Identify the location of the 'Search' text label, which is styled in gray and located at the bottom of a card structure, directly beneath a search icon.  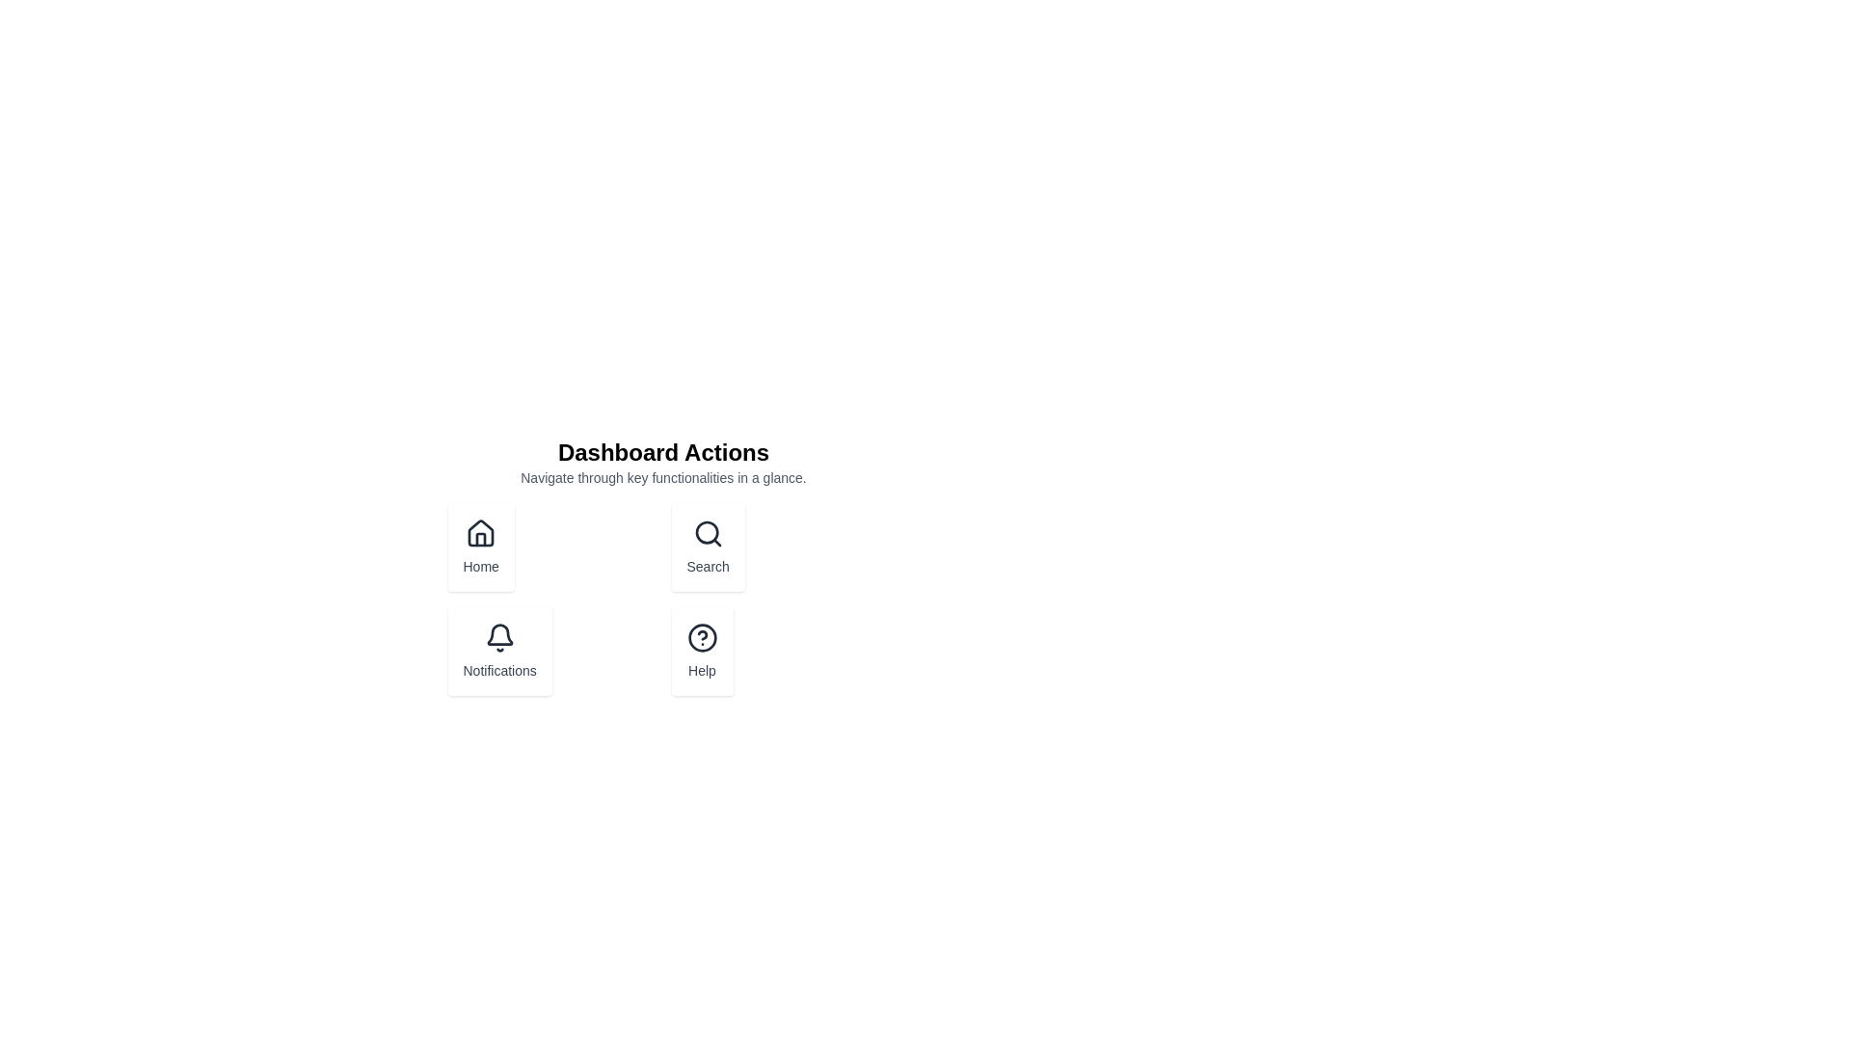
(707, 565).